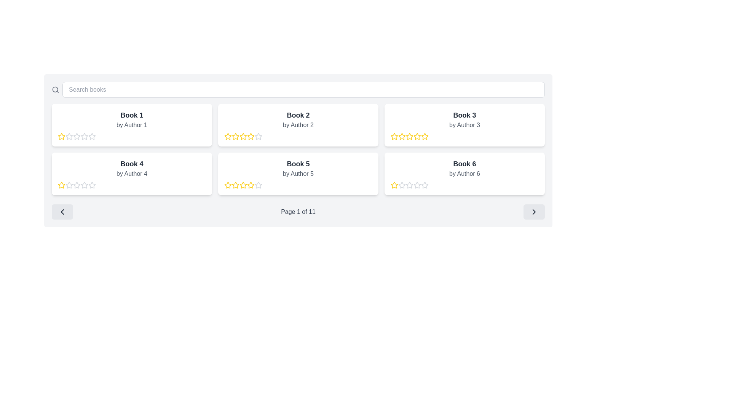 This screenshot has height=411, width=731. I want to click on the second star icon in the rating row for 'Book 4' by 'Author 4', so click(91, 185).